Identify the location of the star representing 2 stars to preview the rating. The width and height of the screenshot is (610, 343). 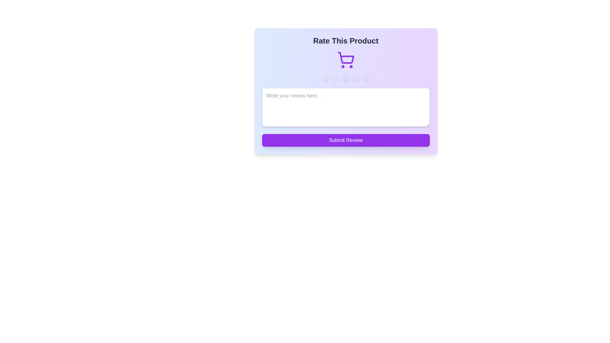
(335, 79).